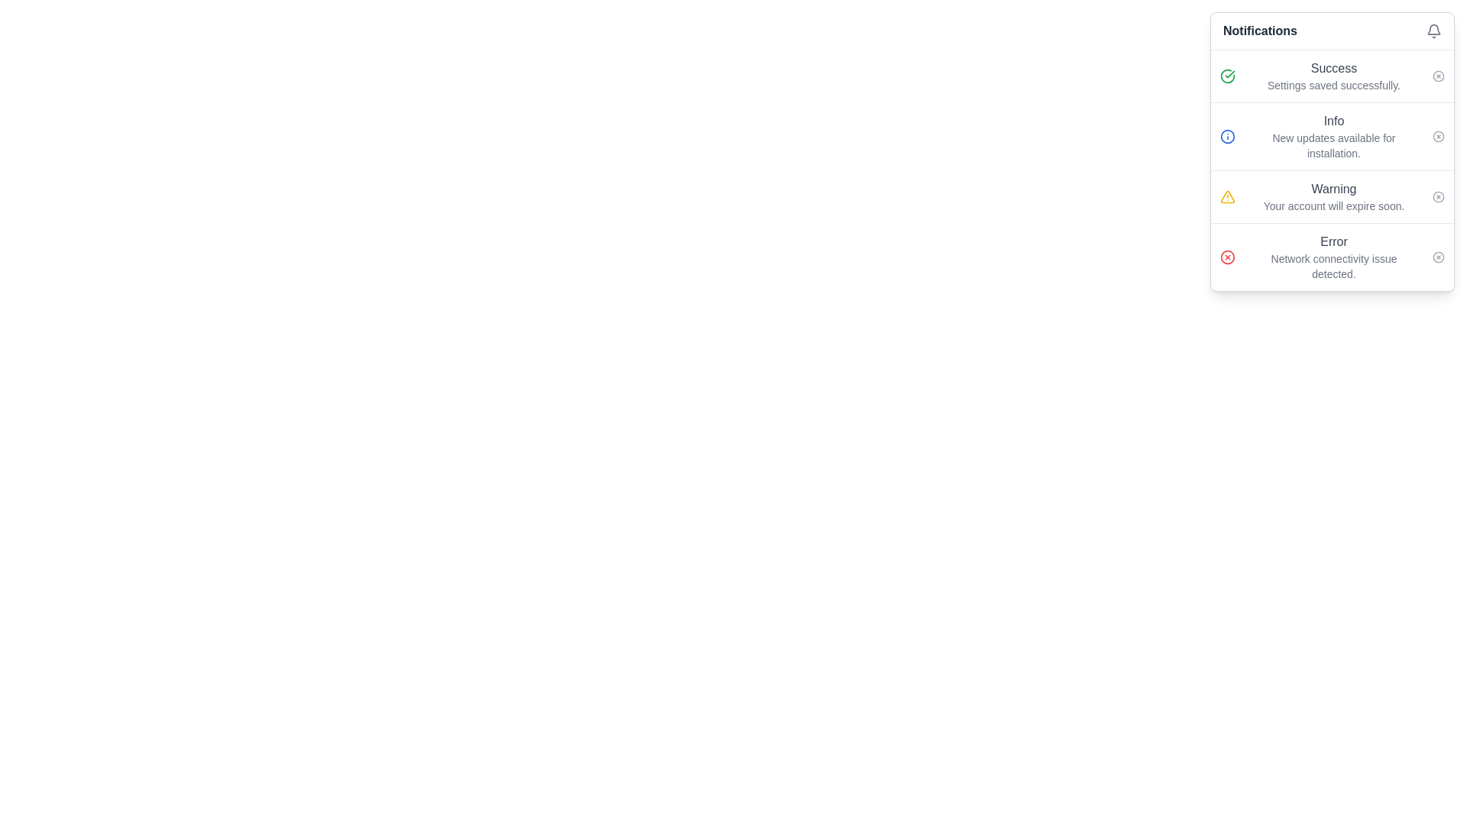  What do you see at coordinates (1333, 67) in the screenshot?
I see `the header text label of the first notification item in the right-hand notification panel, which indicates the type or status of the notification` at bounding box center [1333, 67].